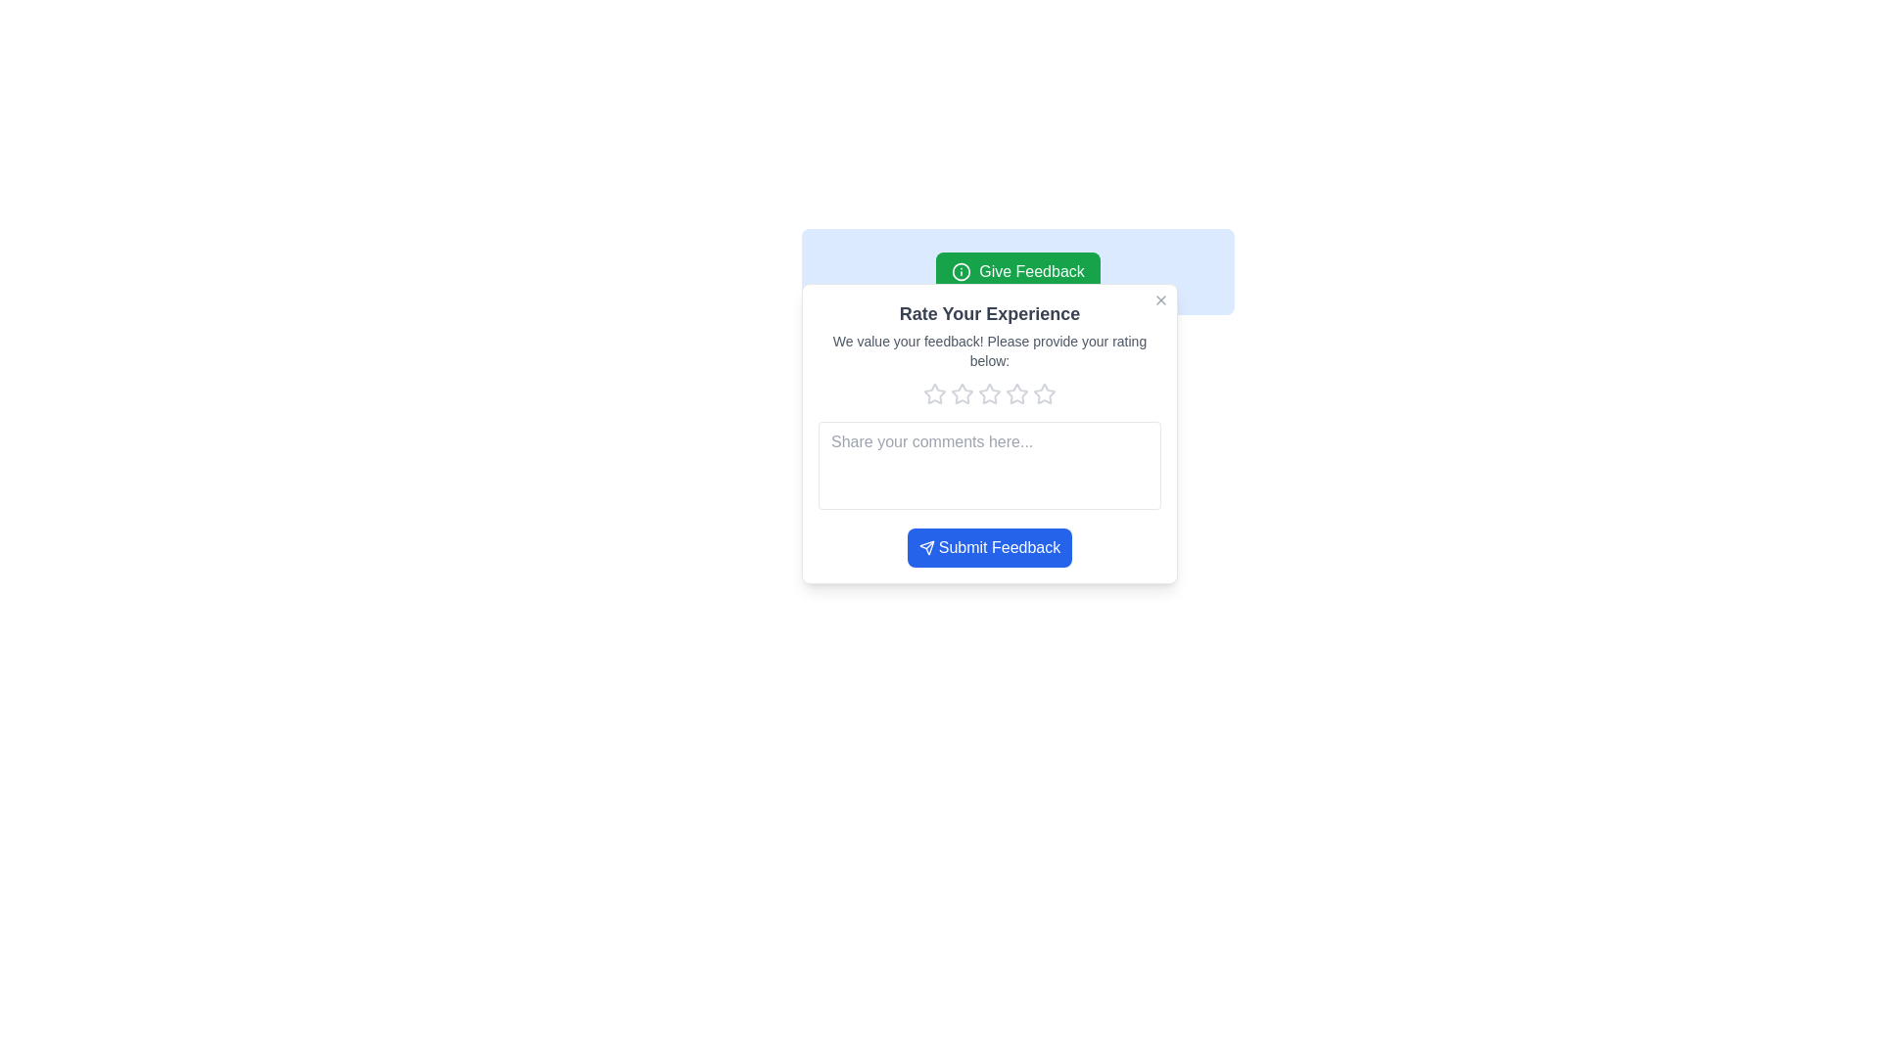  Describe the element at coordinates (1018, 271) in the screenshot. I see `the green 'Give Feedback' button located centrally within its light blue background to initiate feedback submission` at that location.